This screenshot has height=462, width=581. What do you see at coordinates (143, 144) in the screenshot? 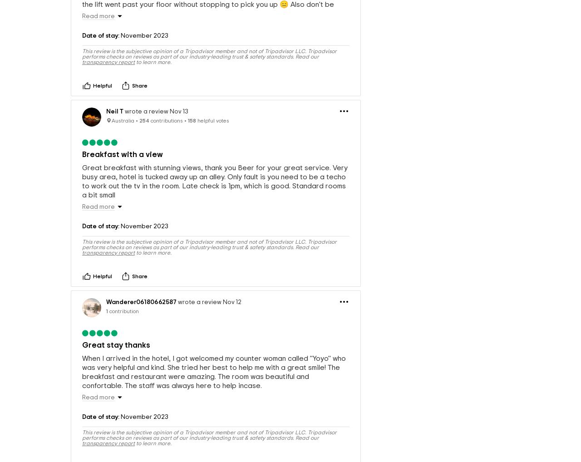
I see `'254'` at bounding box center [143, 144].